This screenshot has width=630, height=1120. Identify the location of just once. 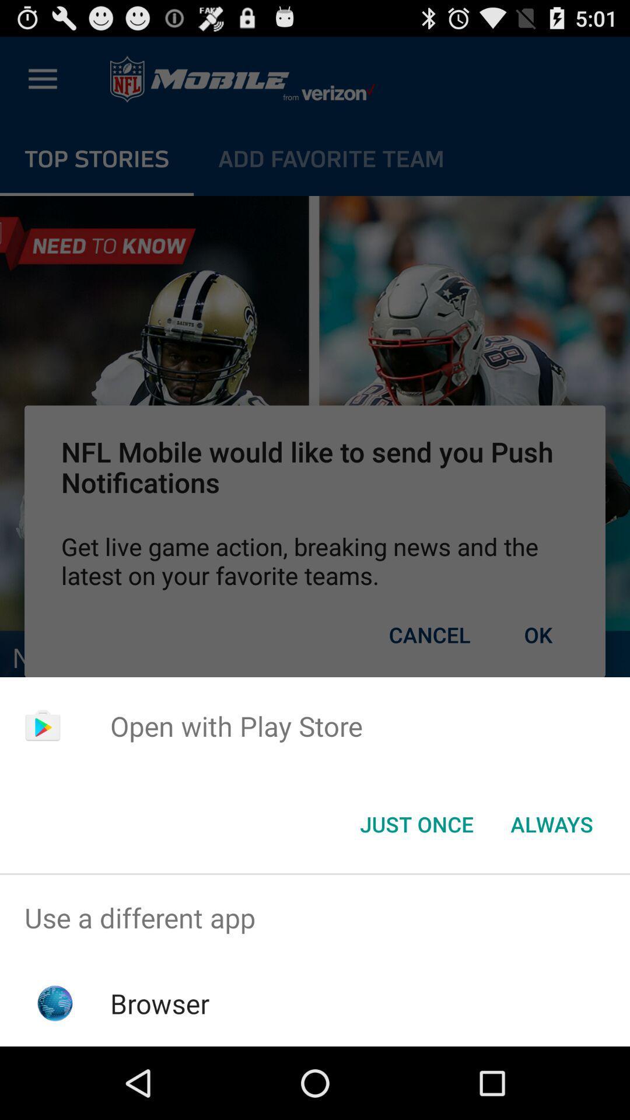
(416, 823).